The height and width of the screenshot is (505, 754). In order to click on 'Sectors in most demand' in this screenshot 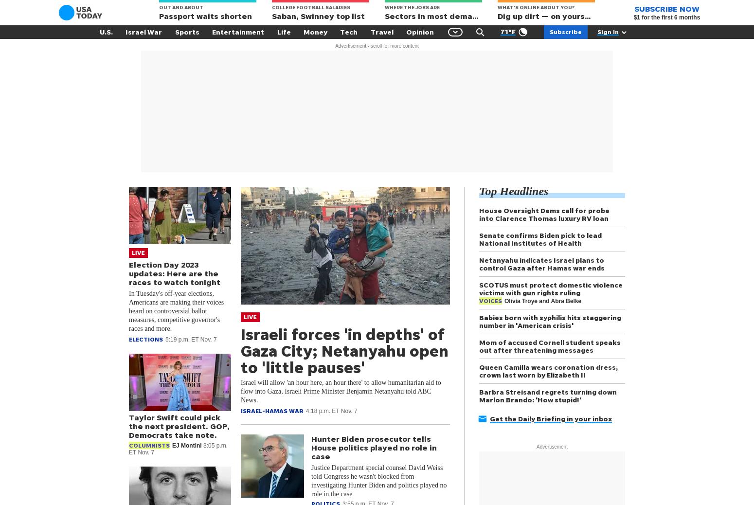, I will do `click(384, 16)`.